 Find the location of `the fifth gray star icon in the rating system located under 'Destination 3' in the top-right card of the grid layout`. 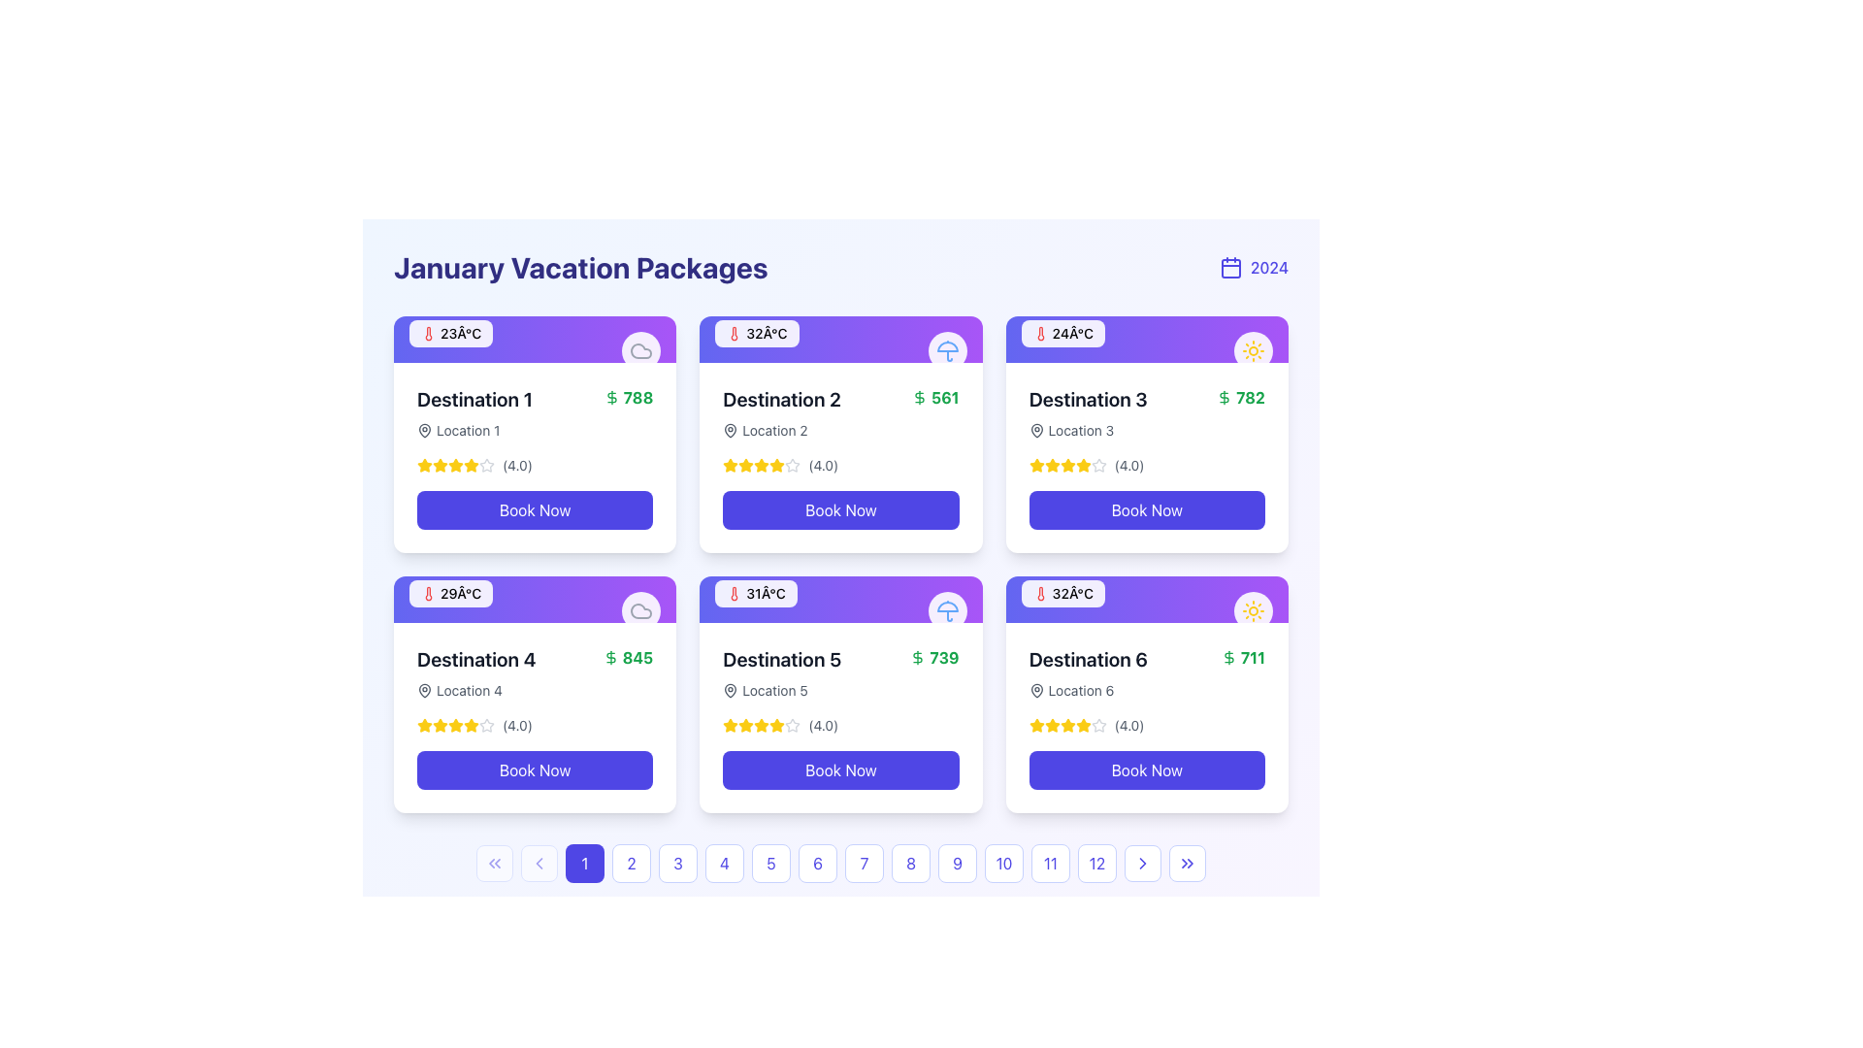

the fifth gray star icon in the rating system located under 'Destination 3' in the top-right card of the grid layout is located at coordinates (1098, 465).